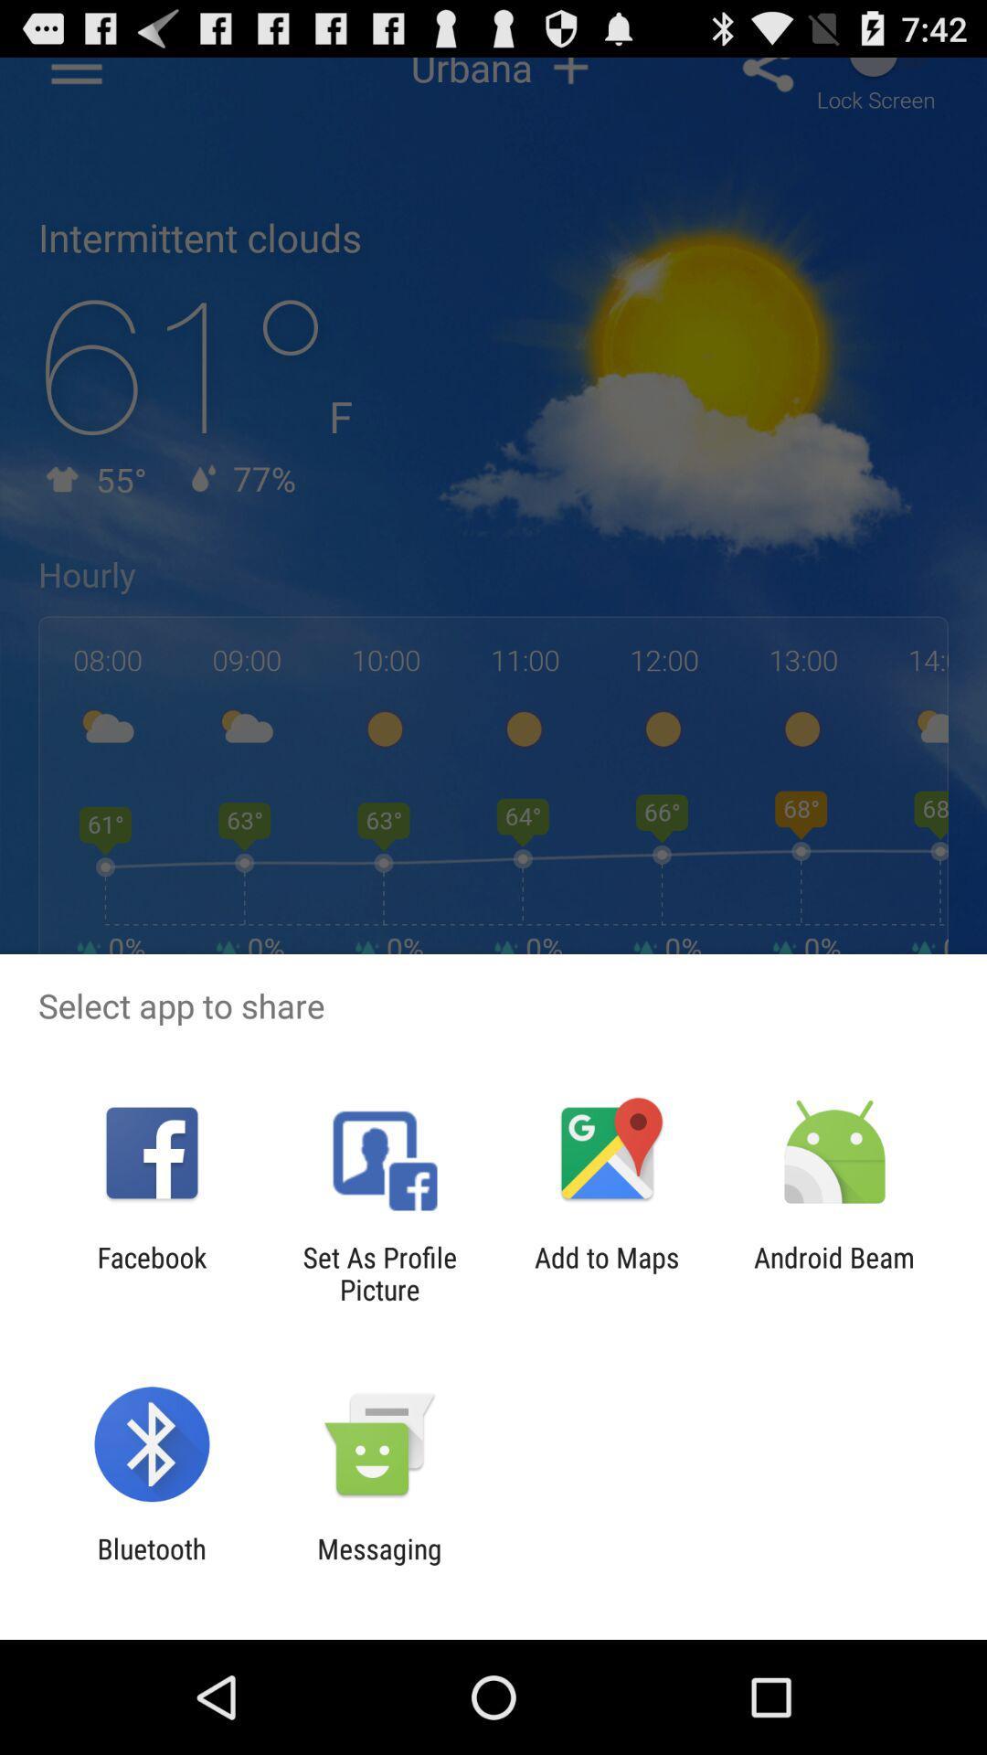 This screenshot has width=987, height=1755. I want to click on app to the right of the facebook item, so click(378, 1272).